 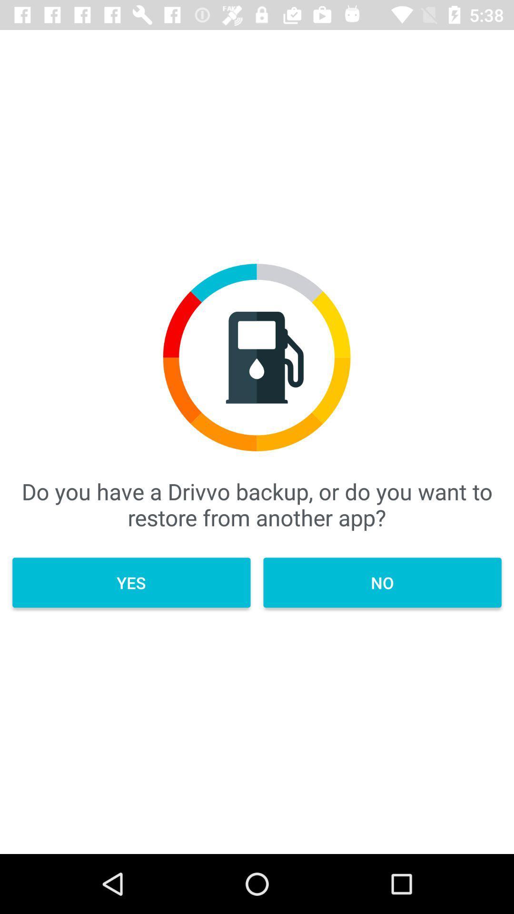 What do you see at coordinates (382, 582) in the screenshot?
I see `no on the right` at bounding box center [382, 582].